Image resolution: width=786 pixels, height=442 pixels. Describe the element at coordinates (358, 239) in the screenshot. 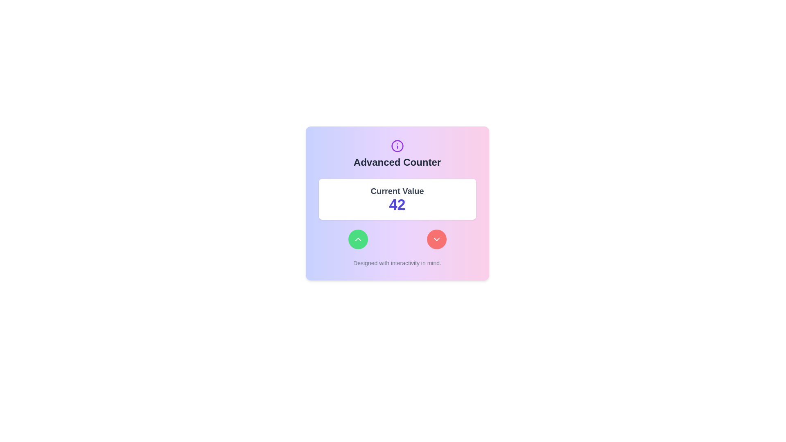

I see `the upward arrow button icon, which is a triangular arrow icon in white on a green circular background, located at the bottom-left of the central card aligned with the text 'Current Value 42'` at that location.